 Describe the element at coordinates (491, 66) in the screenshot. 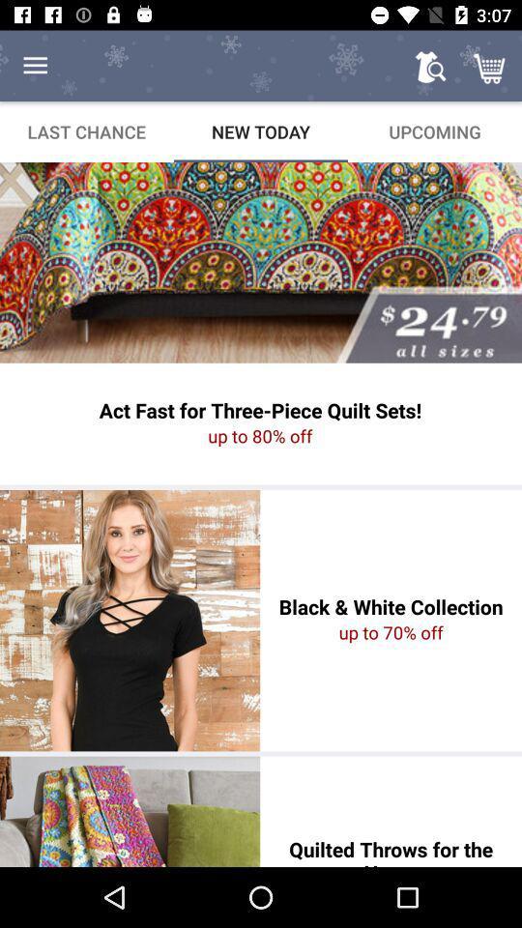

I see `the item above the upcoming` at that location.